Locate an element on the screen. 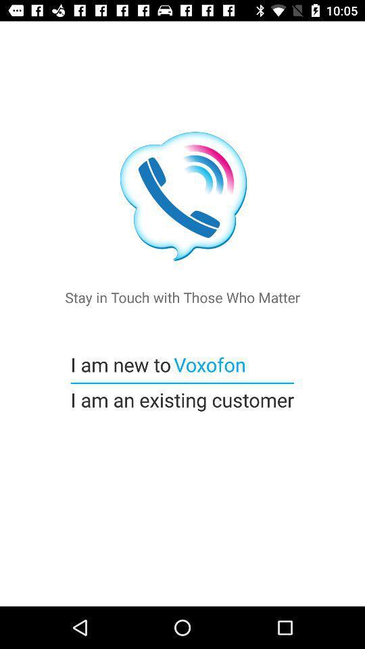 This screenshot has width=365, height=649. the item to the right of the i am new icon is located at coordinates (208, 364).